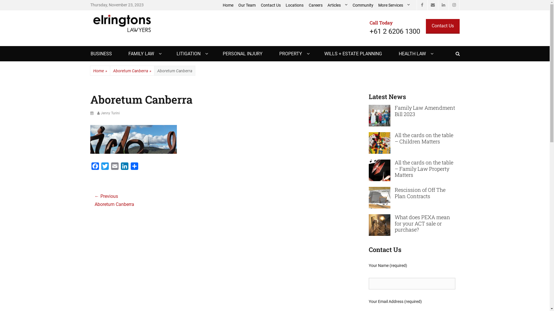  Describe the element at coordinates (394, 111) in the screenshot. I see `'Family Law Amendment Bill 2023'` at that location.